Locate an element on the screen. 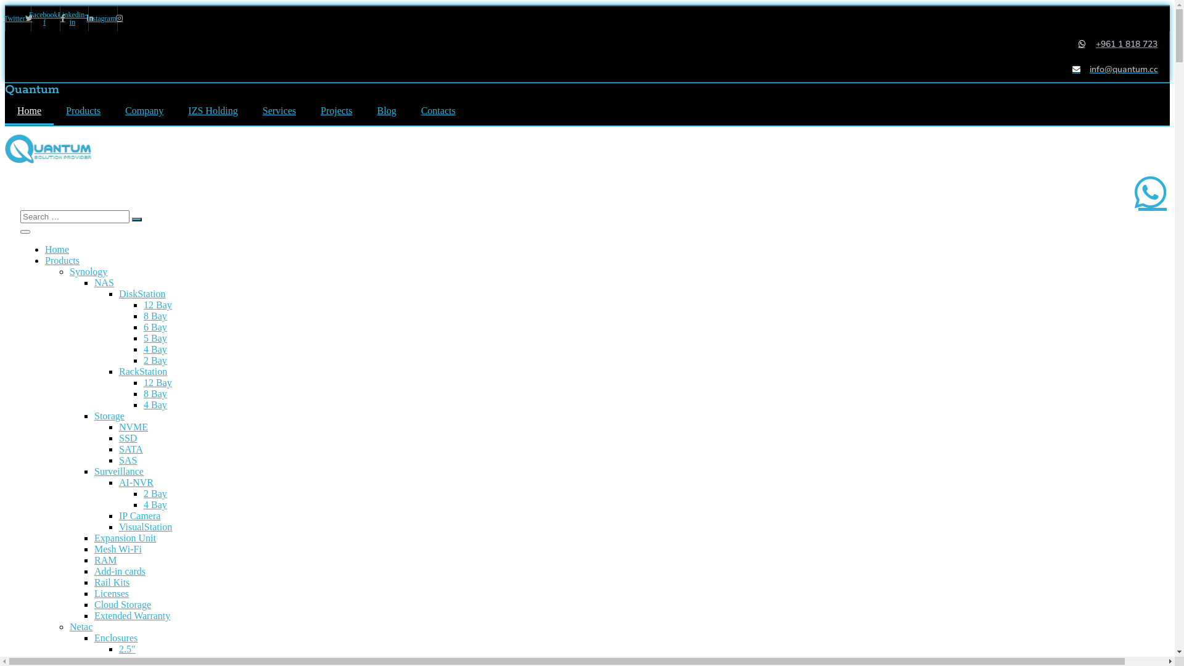  '12 Bay' is located at coordinates (157, 382).